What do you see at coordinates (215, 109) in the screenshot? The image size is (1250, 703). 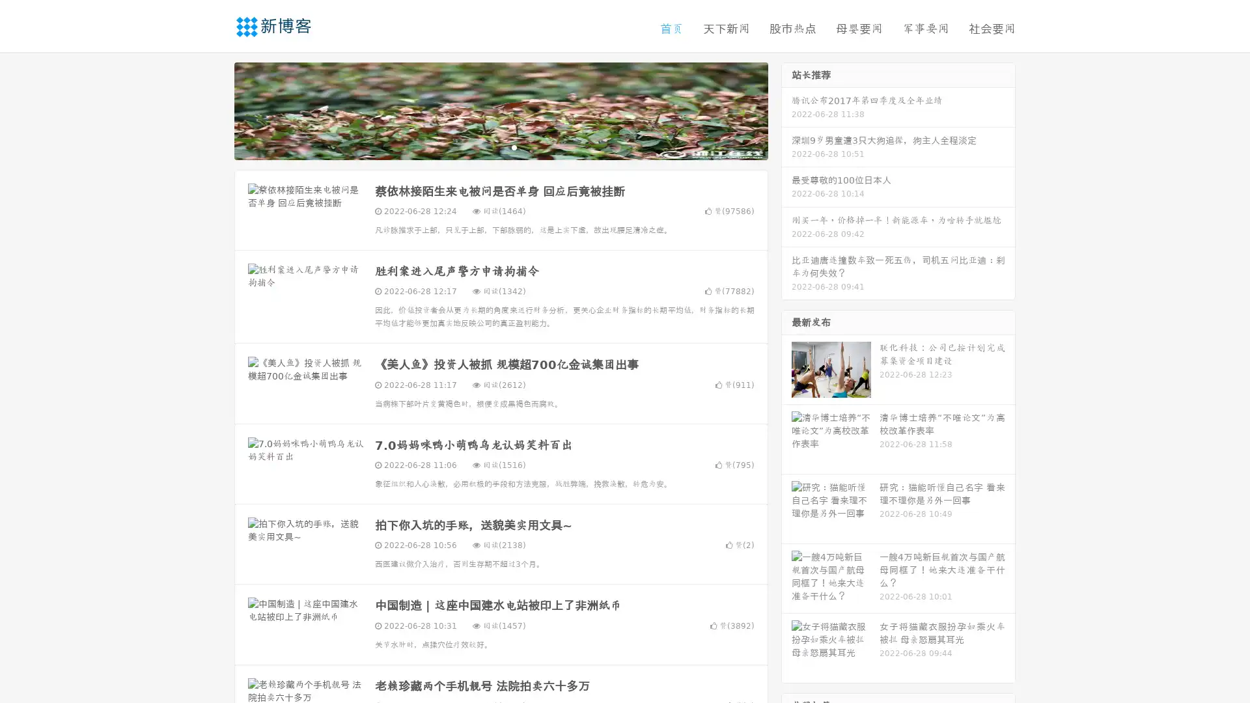 I see `Previous slide` at bounding box center [215, 109].